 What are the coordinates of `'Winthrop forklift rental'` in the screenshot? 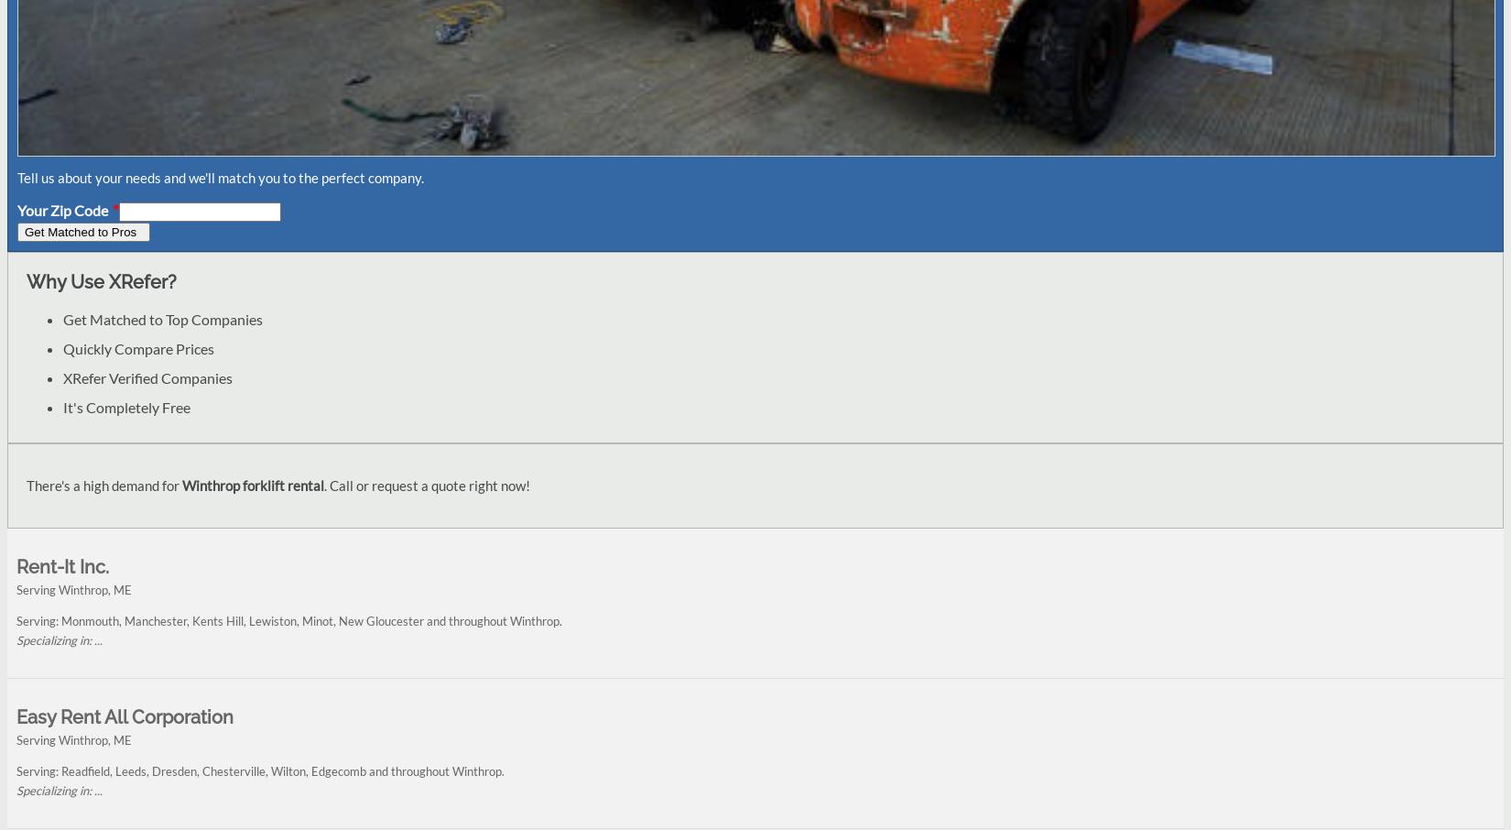 It's located at (253, 486).